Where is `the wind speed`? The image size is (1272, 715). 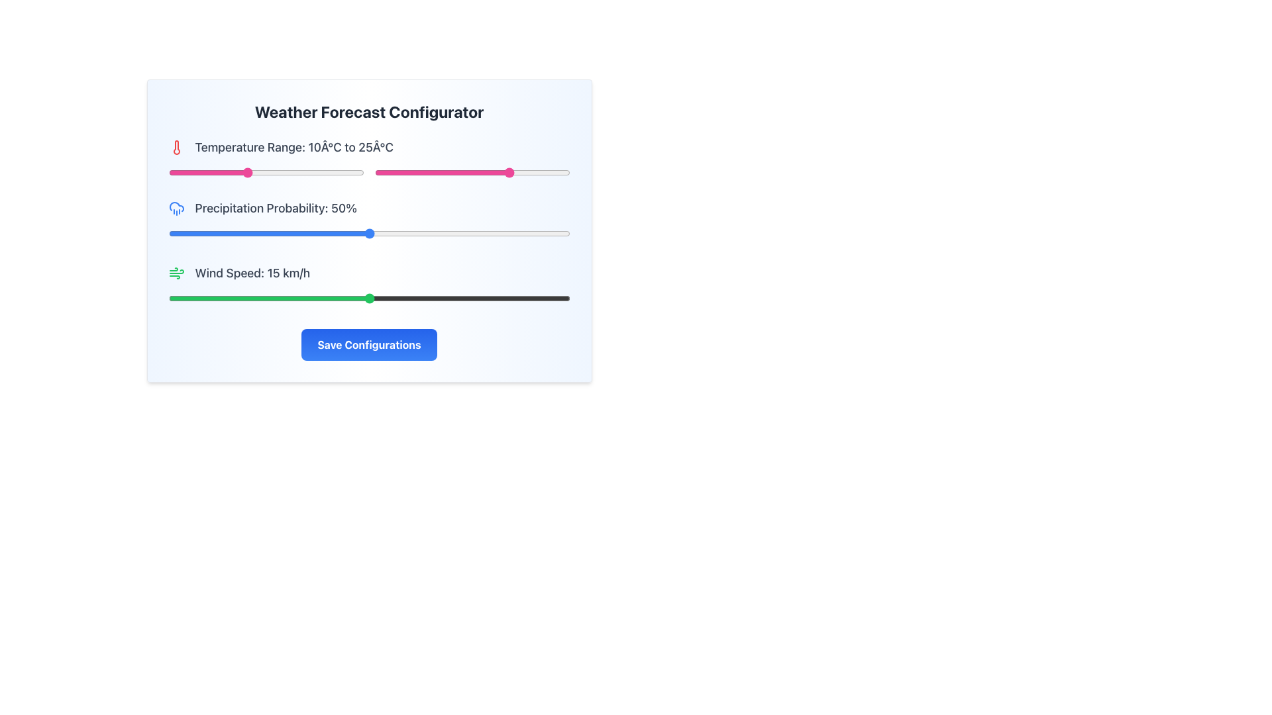 the wind speed is located at coordinates (476, 299).